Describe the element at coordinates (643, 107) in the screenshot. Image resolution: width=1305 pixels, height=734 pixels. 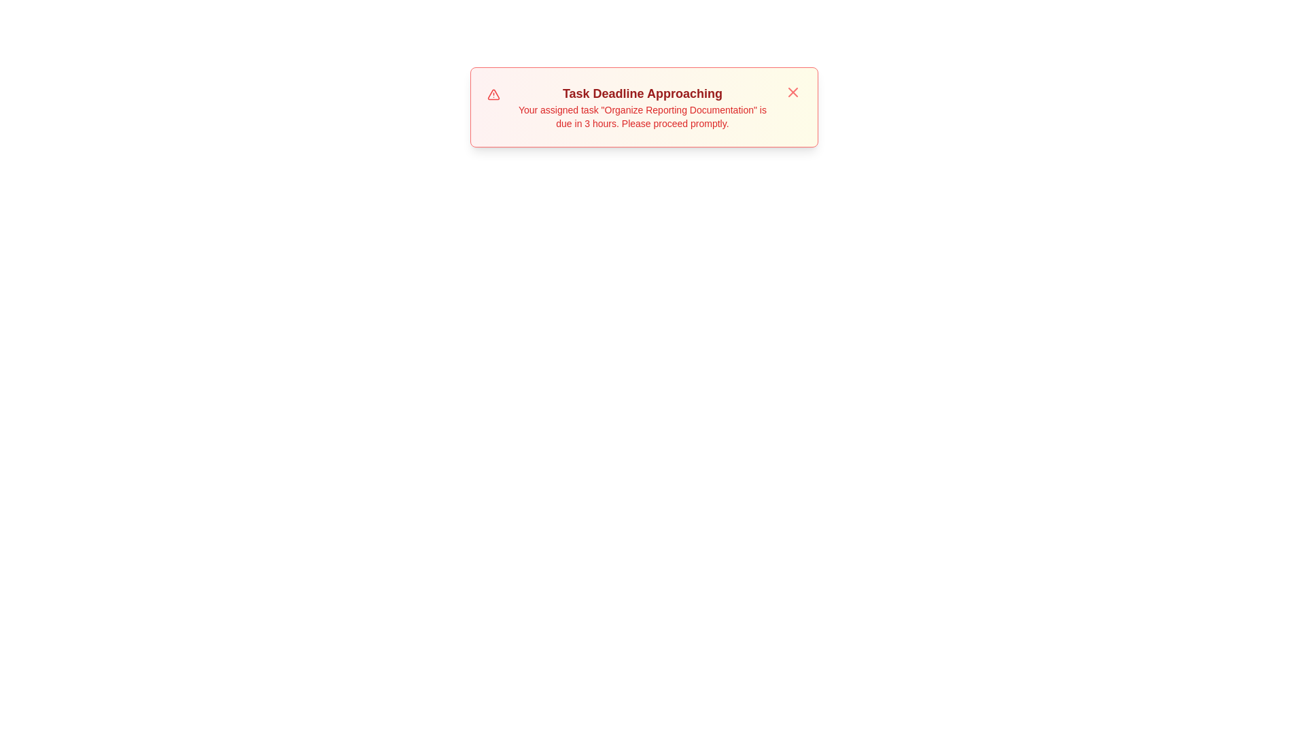
I see `the notification box with rounded corners and a gradient background, which contains a bold red warning title and descriptive message, to read the details` at that location.